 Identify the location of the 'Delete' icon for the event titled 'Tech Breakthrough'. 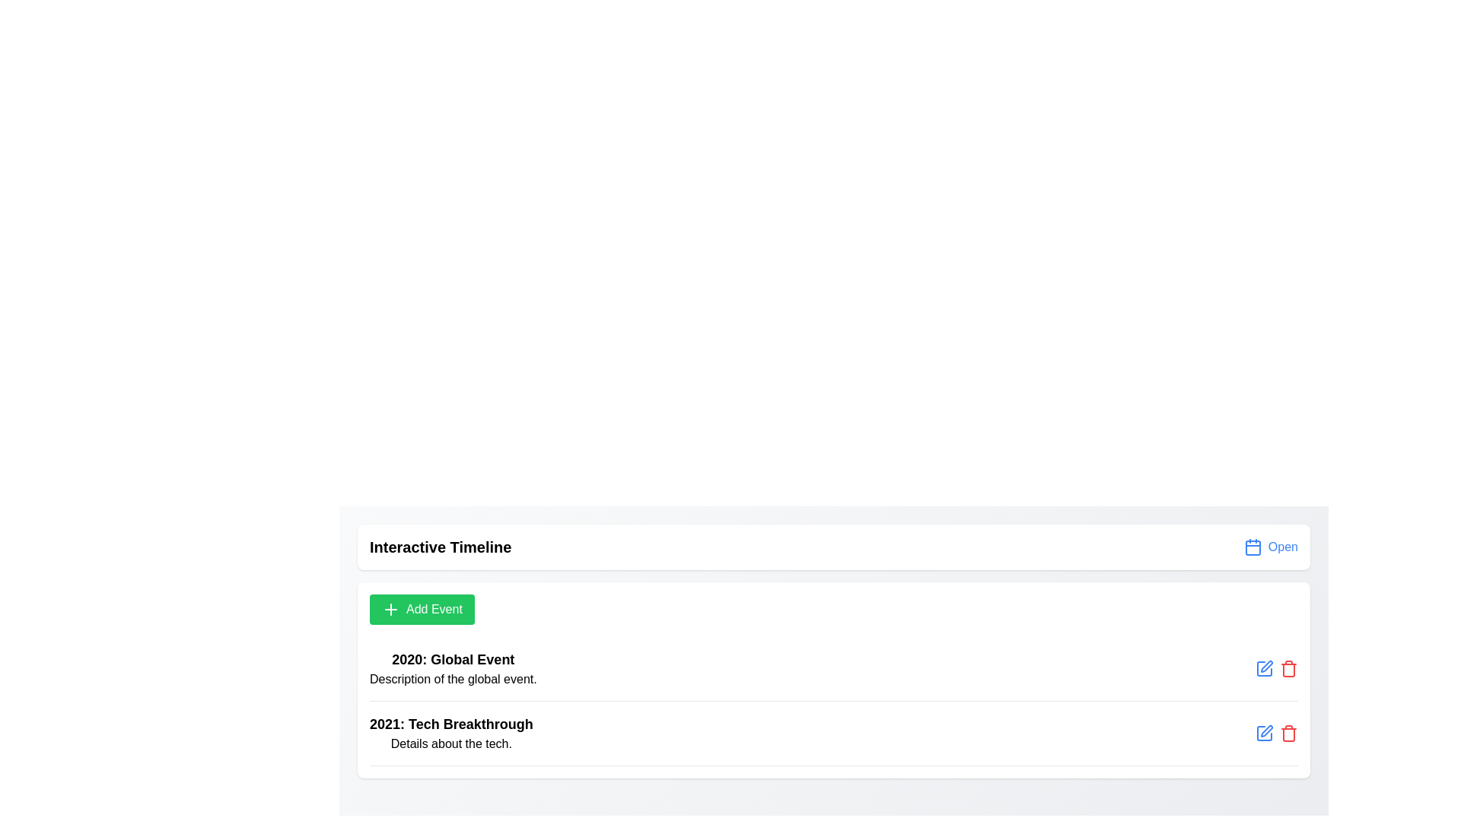
(1288, 732).